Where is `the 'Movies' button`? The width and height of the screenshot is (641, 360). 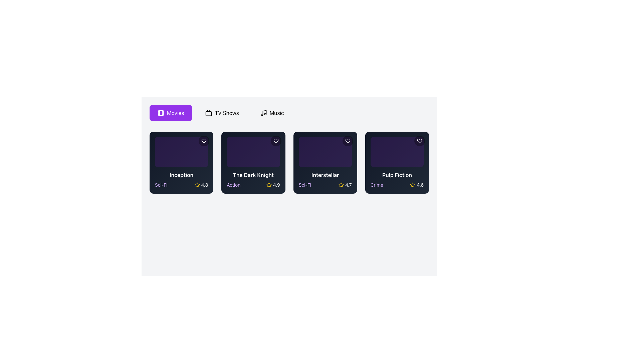
the 'Movies' button is located at coordinates (171, 113).